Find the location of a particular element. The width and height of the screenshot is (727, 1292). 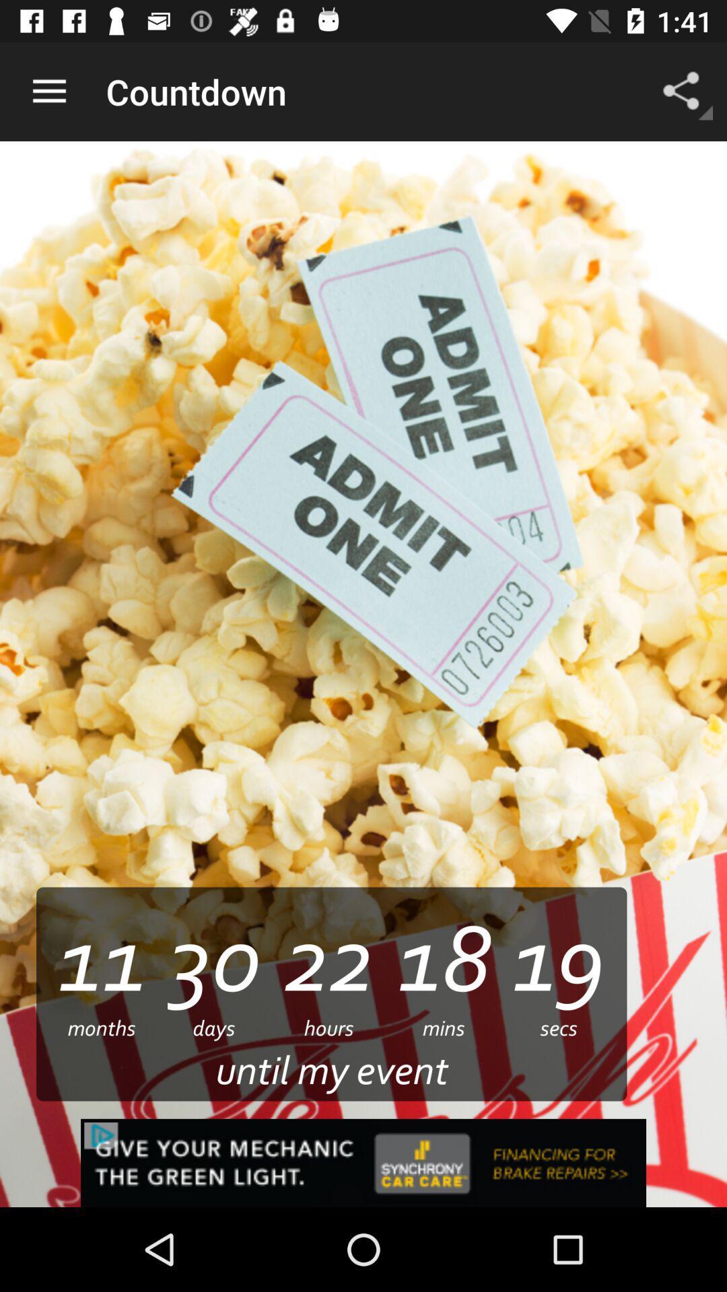

app next to countdown icon is located at coordinates (685, 91).